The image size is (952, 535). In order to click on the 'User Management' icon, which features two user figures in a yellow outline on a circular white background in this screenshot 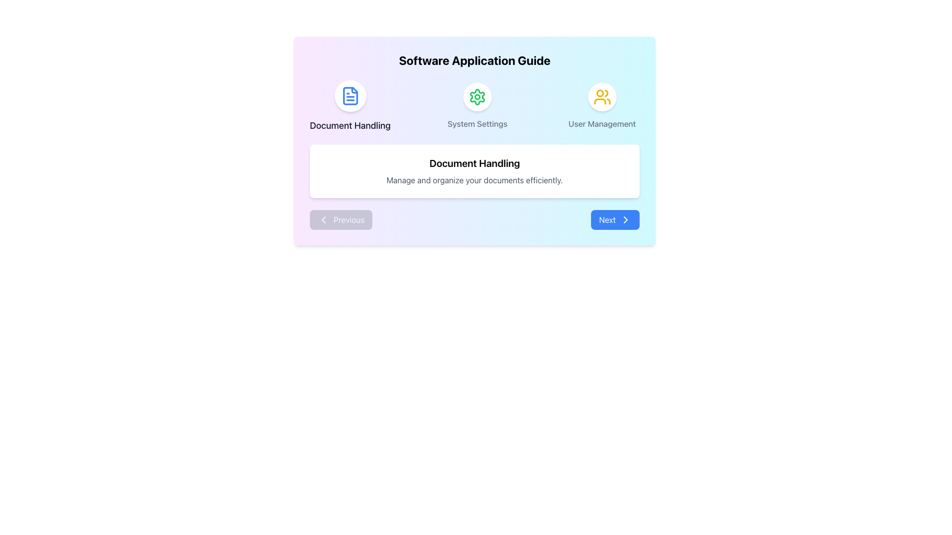, I will do `click(601, 97)`.